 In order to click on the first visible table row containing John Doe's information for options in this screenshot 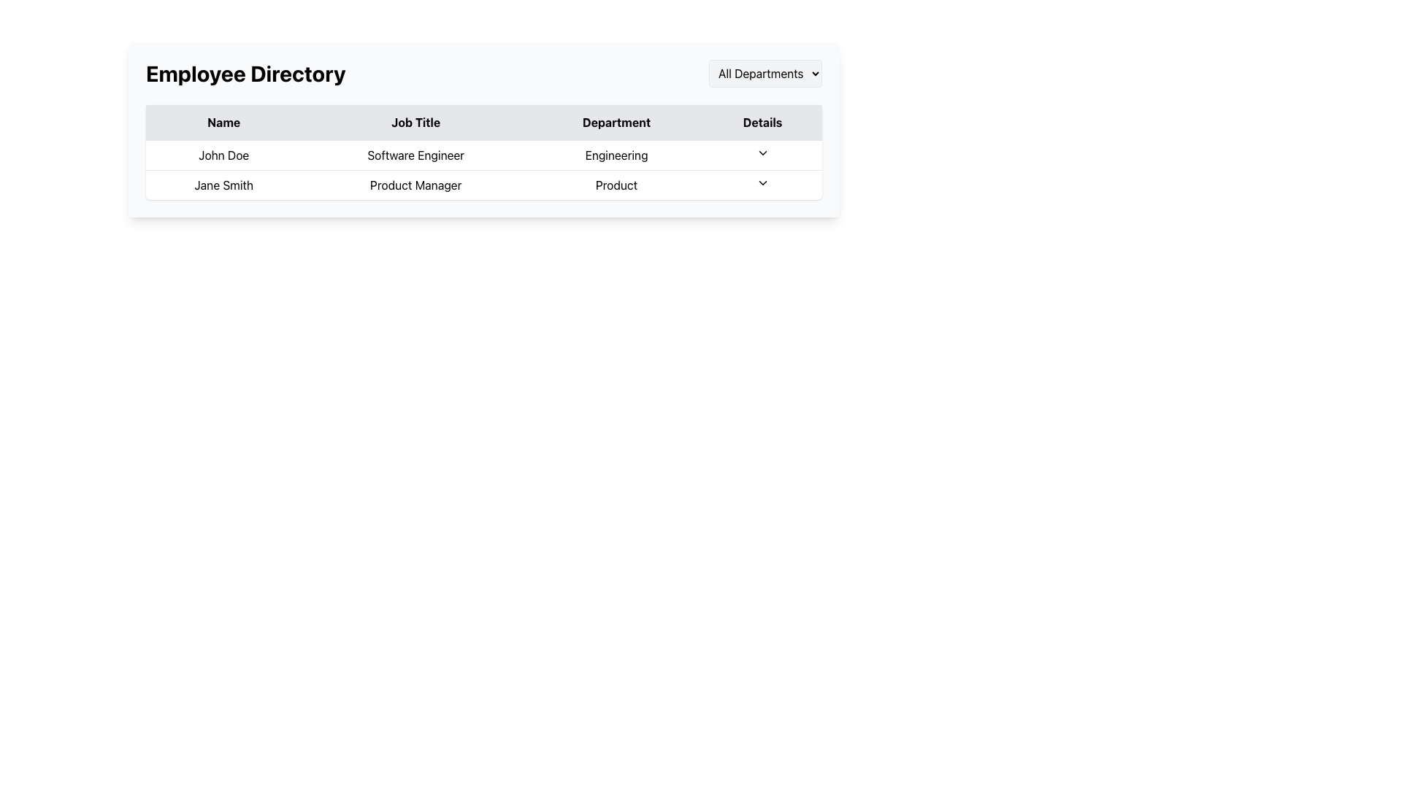, I will do `click(483, 169)`.